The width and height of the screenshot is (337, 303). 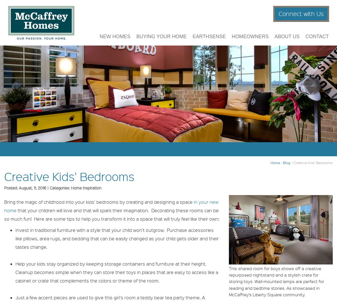 What do you see at coordinates (117, 272) in the screenshot?
I see `'Help your kids stay organized by keeping storage containers and furniture at their height.  Cleanup becomes simple when they can store their toys in places that are easy to access like a cabinet or crate that complements the colors or theme of the room.'` at bounding box center [117, 272].